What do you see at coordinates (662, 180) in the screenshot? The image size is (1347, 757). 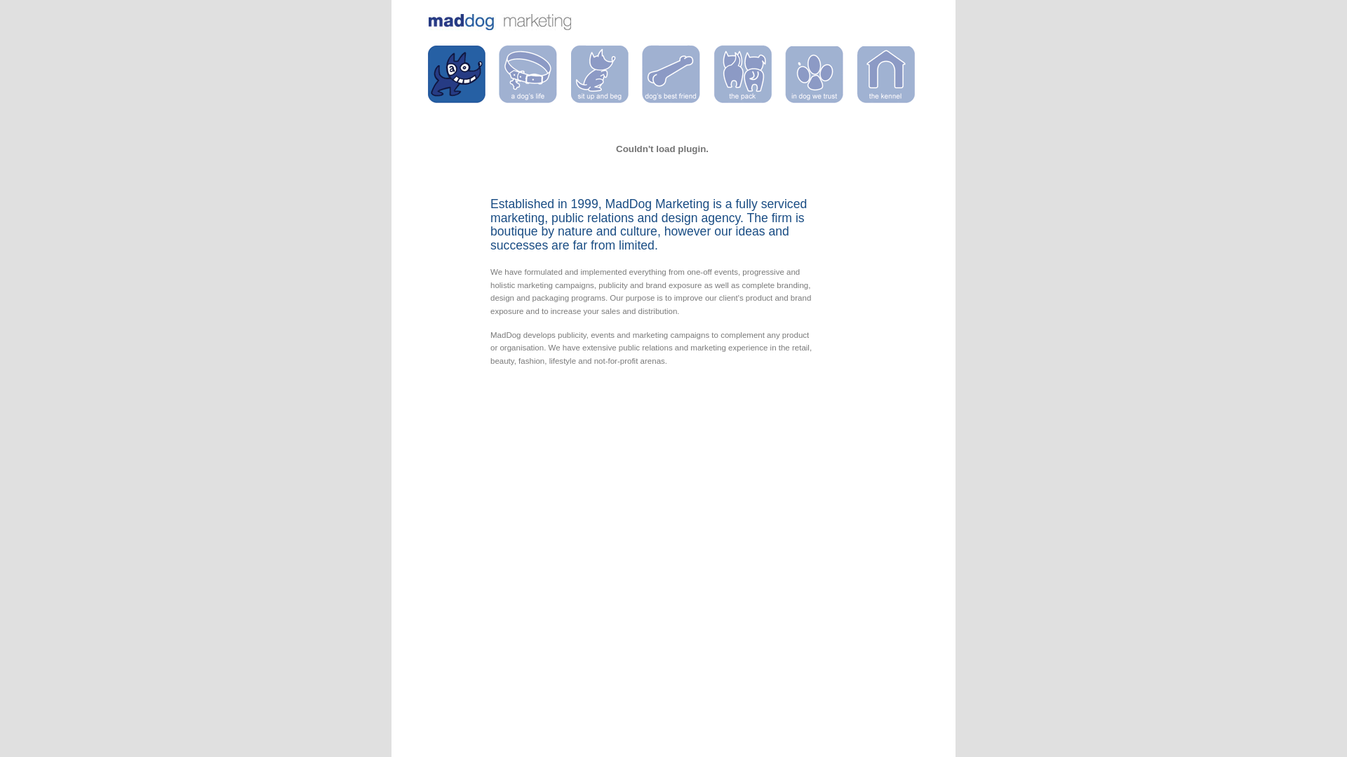 I see `'MadDog Flash animation'` at bounding box center [662, 180].